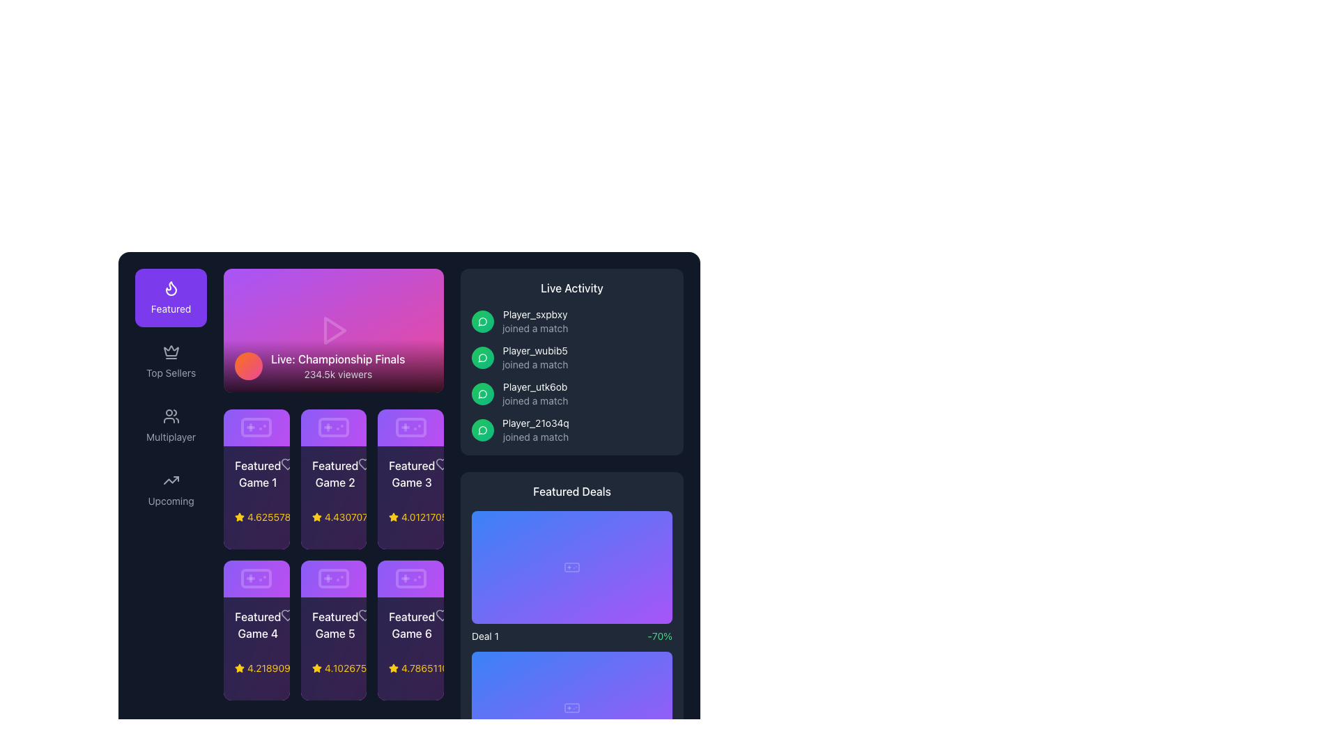 Image resolution: width=1338 pixels, height=752 pixels. Describe the element at coordinates (287, 615) in the screenshot. I see `the heart-shaped icon located to the right of the 'Featured Game 4' text and rating star within the fourth card in the second row of the grid layout` at that location.